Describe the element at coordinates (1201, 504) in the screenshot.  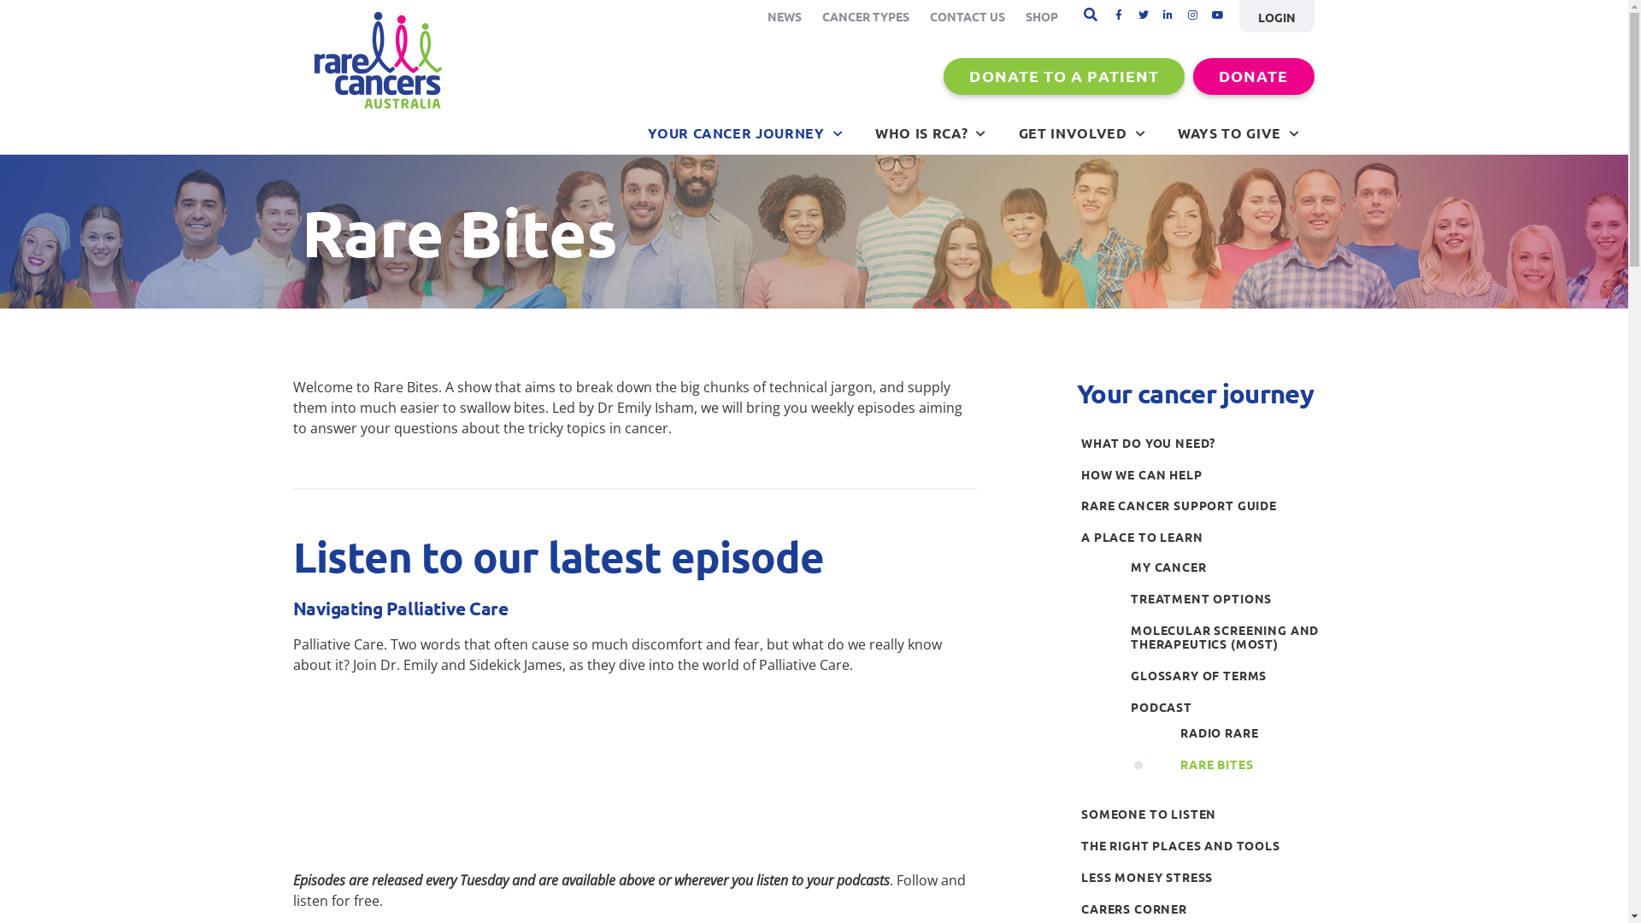
I see `'RARE CANCER SUPPORT GUIDE'` at that location.